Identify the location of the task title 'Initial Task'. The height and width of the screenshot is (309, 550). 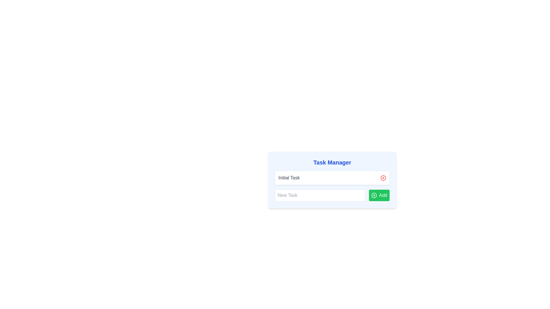
(332, 177).